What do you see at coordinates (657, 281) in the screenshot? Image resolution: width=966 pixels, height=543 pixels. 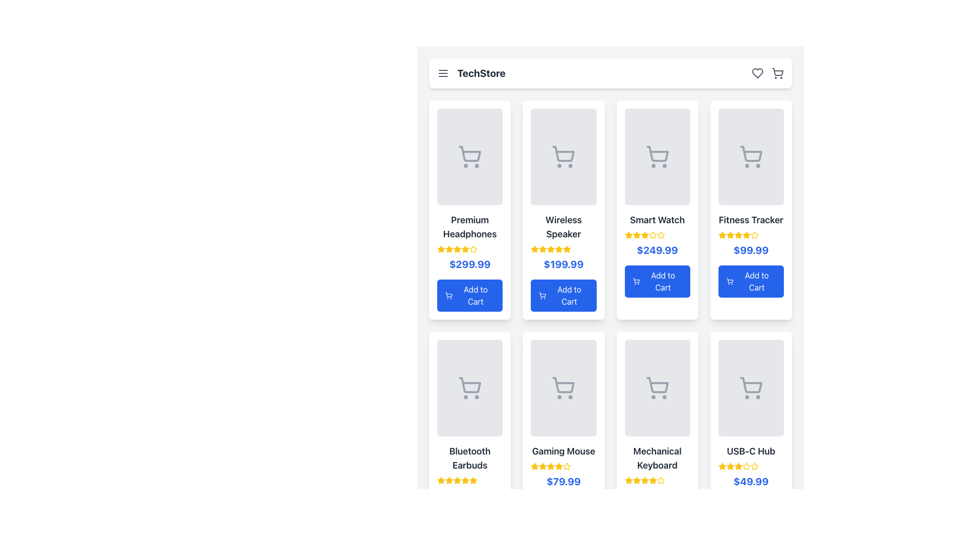 I see `the 'Add to Cart' button with a blue background and white text, located in the product card for 'Smart Watch'` at bounding box center [657, 281].